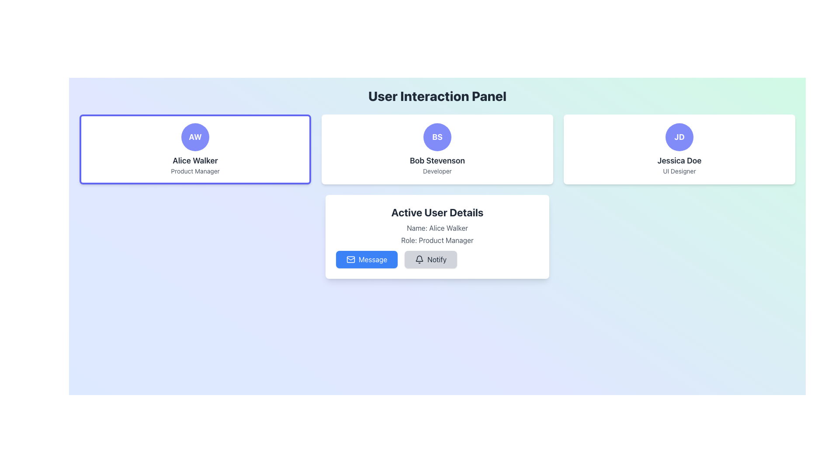 Image resolution: width=839 pixels, height=472 pixels. Describe the element at coordinates (194, 171) in the screenshot. I see `text of the Text Label displaying the role 'Product Manager', which is positioned below the name 'Alice Walker' and the initials 'AW'` at that location.